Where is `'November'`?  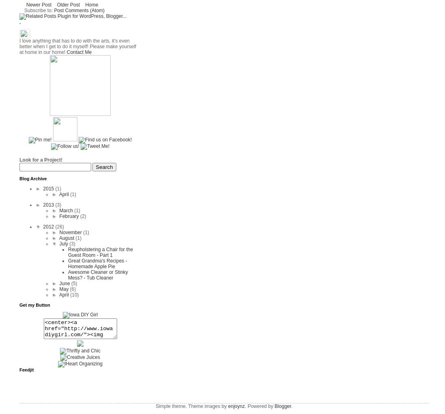
'November' is located at coordinates (71, 232).